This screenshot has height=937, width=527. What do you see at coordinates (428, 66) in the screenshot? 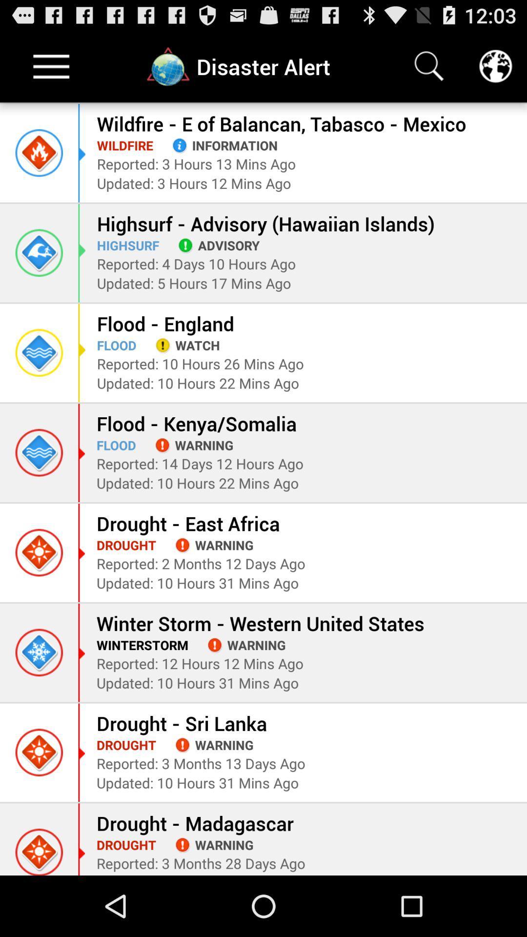
I see `the icon above wildfire e of` at bounding box center [428, 66].